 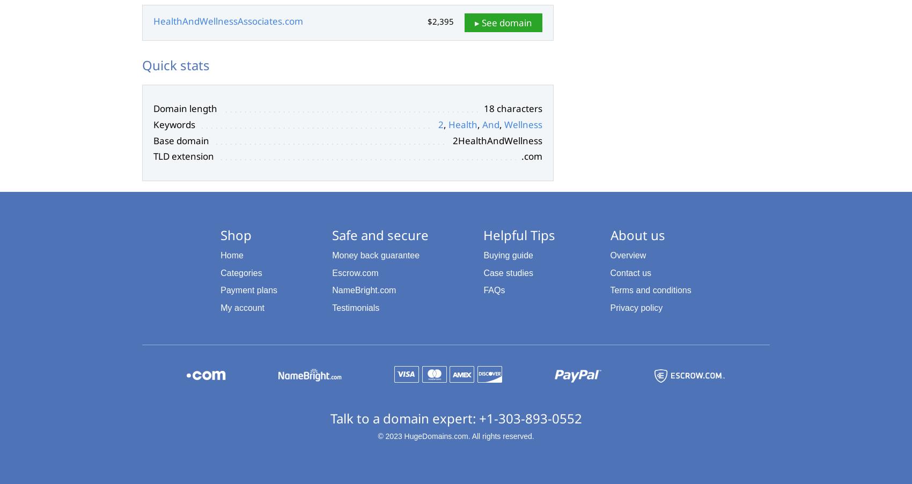 I want to click on 'HealthAndWellnessAssociates.com', so click(x=228, y=20).